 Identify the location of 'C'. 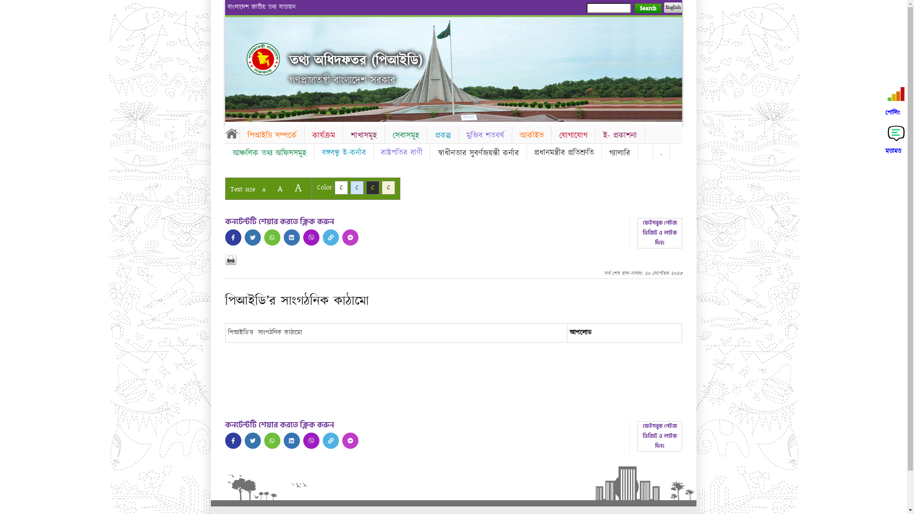
(349, 188).